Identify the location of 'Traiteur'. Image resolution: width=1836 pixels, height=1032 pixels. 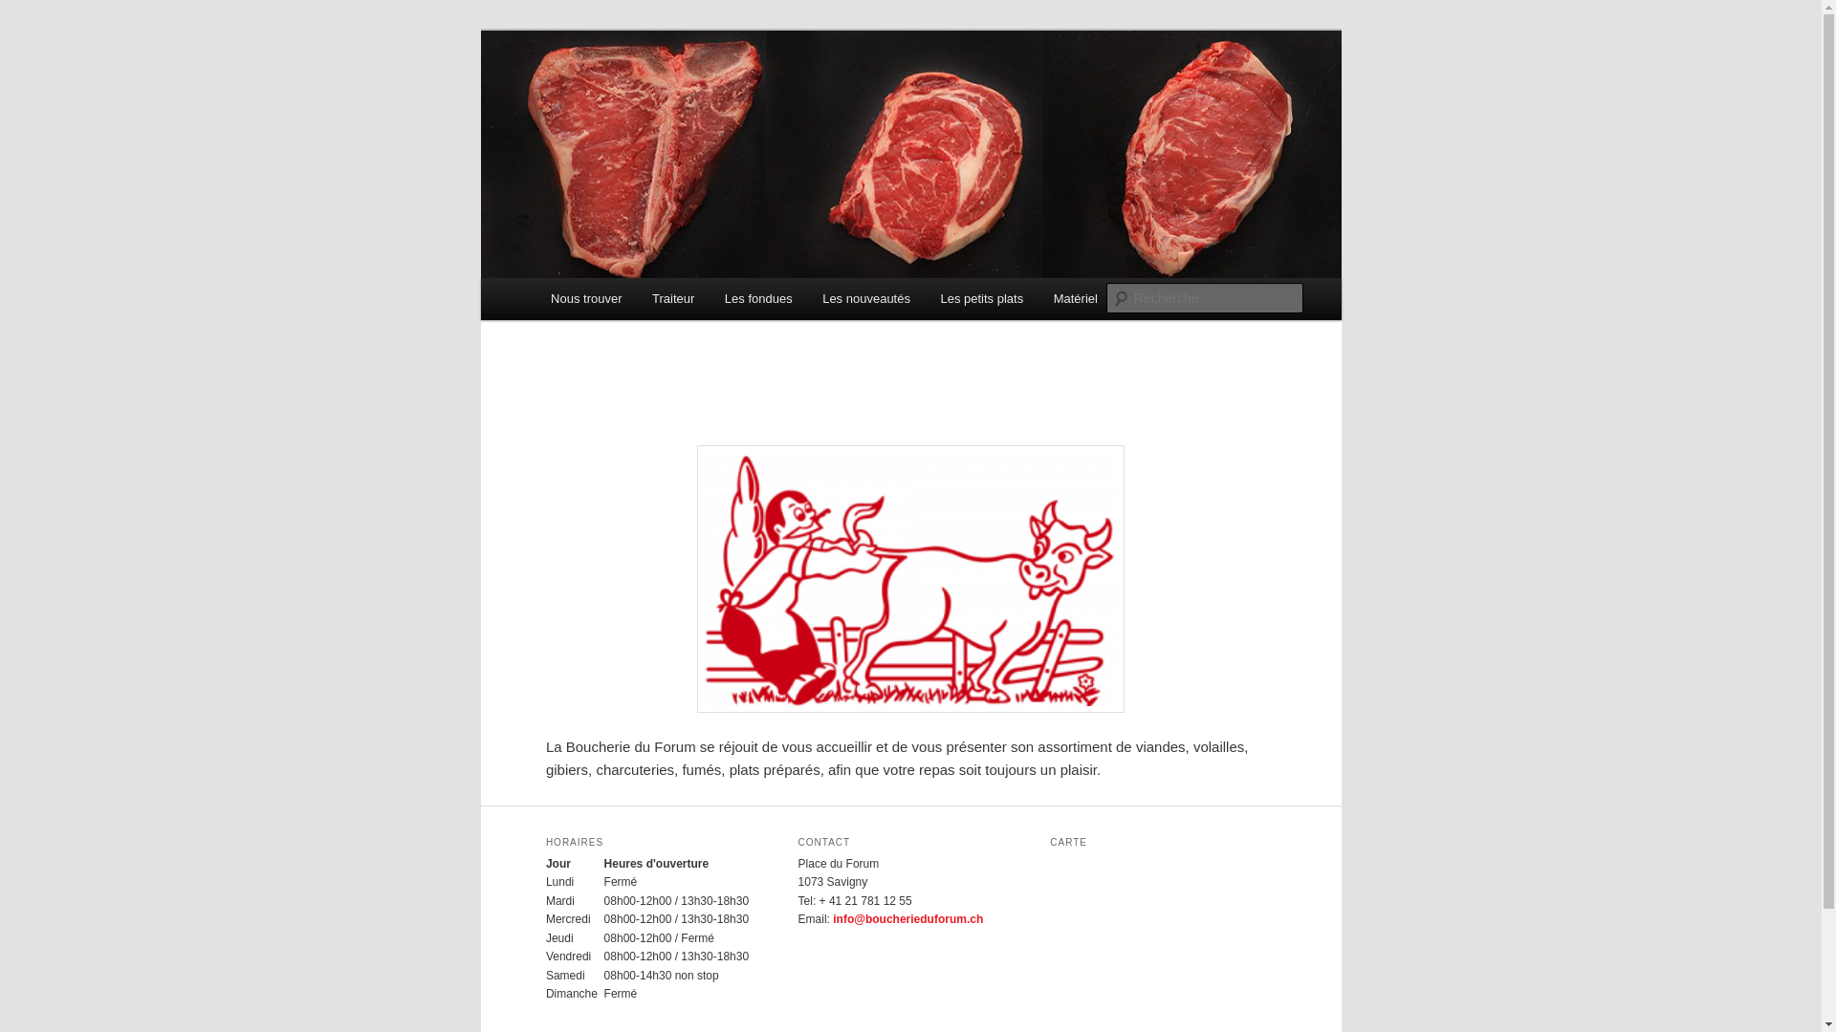
(637, 298).